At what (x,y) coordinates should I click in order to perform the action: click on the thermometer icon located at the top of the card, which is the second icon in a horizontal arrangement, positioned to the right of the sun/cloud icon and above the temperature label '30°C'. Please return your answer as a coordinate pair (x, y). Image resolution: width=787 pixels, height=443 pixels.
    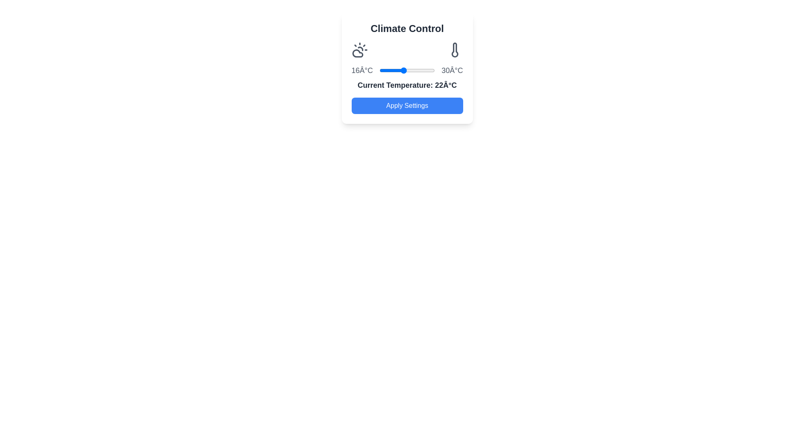
    Looking at the image, I should click on (454, 50).